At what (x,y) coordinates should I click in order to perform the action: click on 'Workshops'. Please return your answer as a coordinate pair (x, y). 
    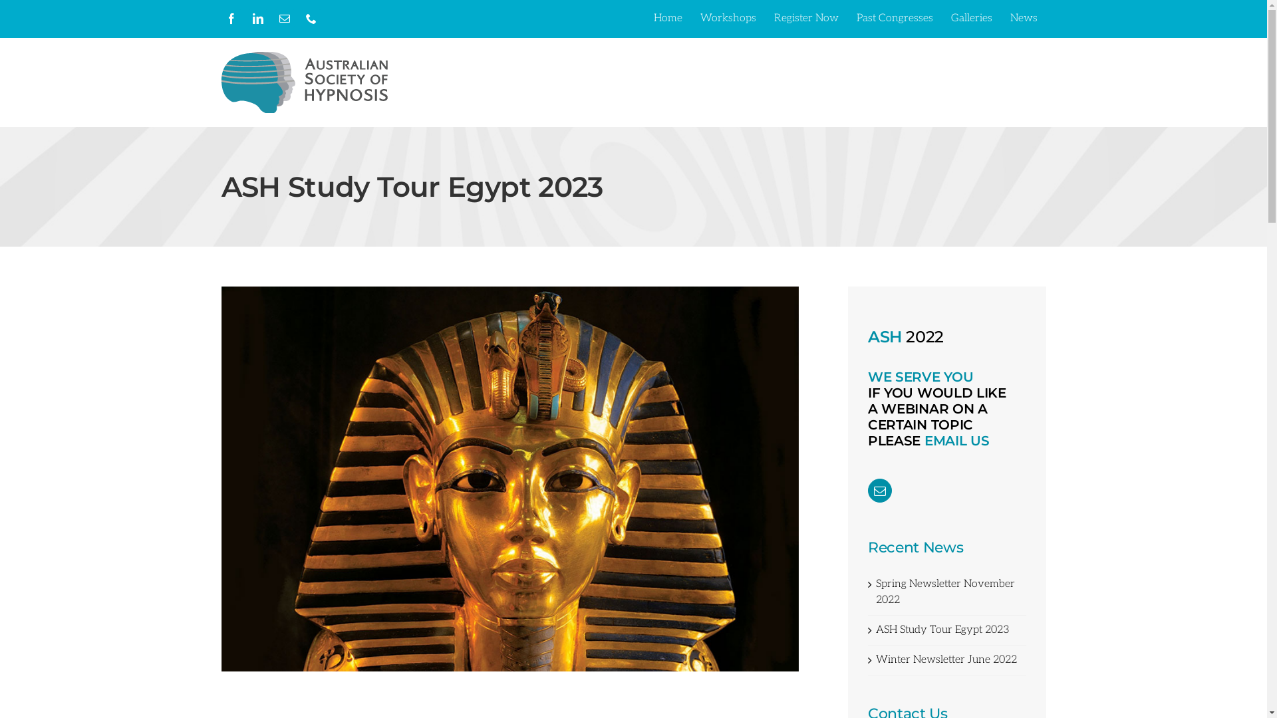
    Looking at the image, I should click on (727, 18).